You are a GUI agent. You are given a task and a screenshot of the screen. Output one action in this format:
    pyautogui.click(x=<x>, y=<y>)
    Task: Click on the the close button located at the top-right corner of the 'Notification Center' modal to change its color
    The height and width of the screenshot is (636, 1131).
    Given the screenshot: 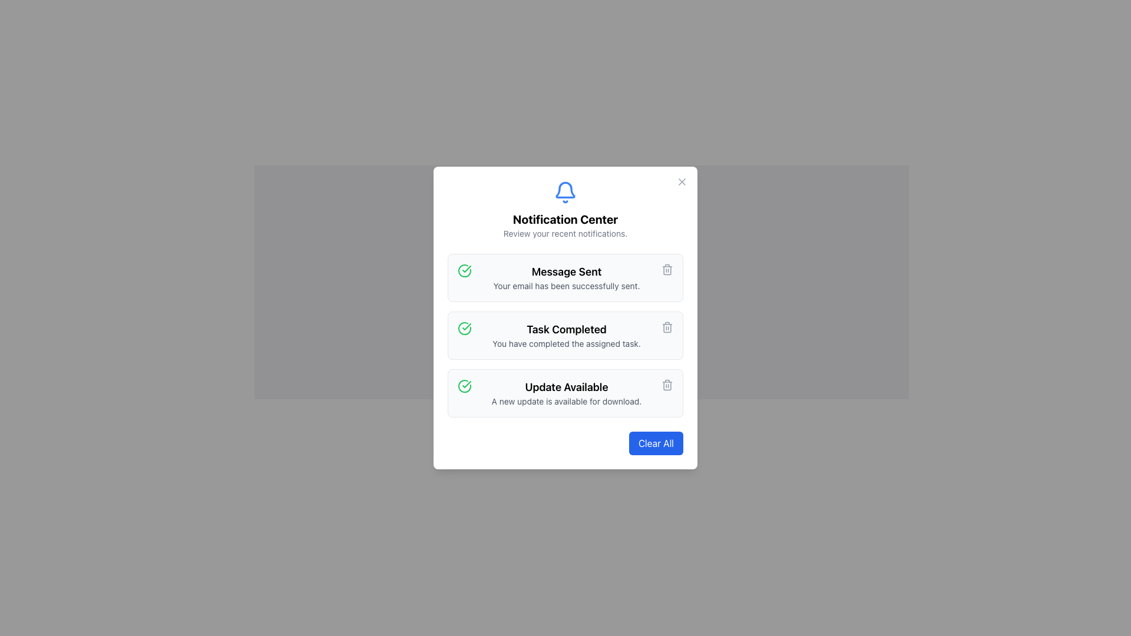 What is the action you would take?
    pyautogui.click(x=682, y=181)
    